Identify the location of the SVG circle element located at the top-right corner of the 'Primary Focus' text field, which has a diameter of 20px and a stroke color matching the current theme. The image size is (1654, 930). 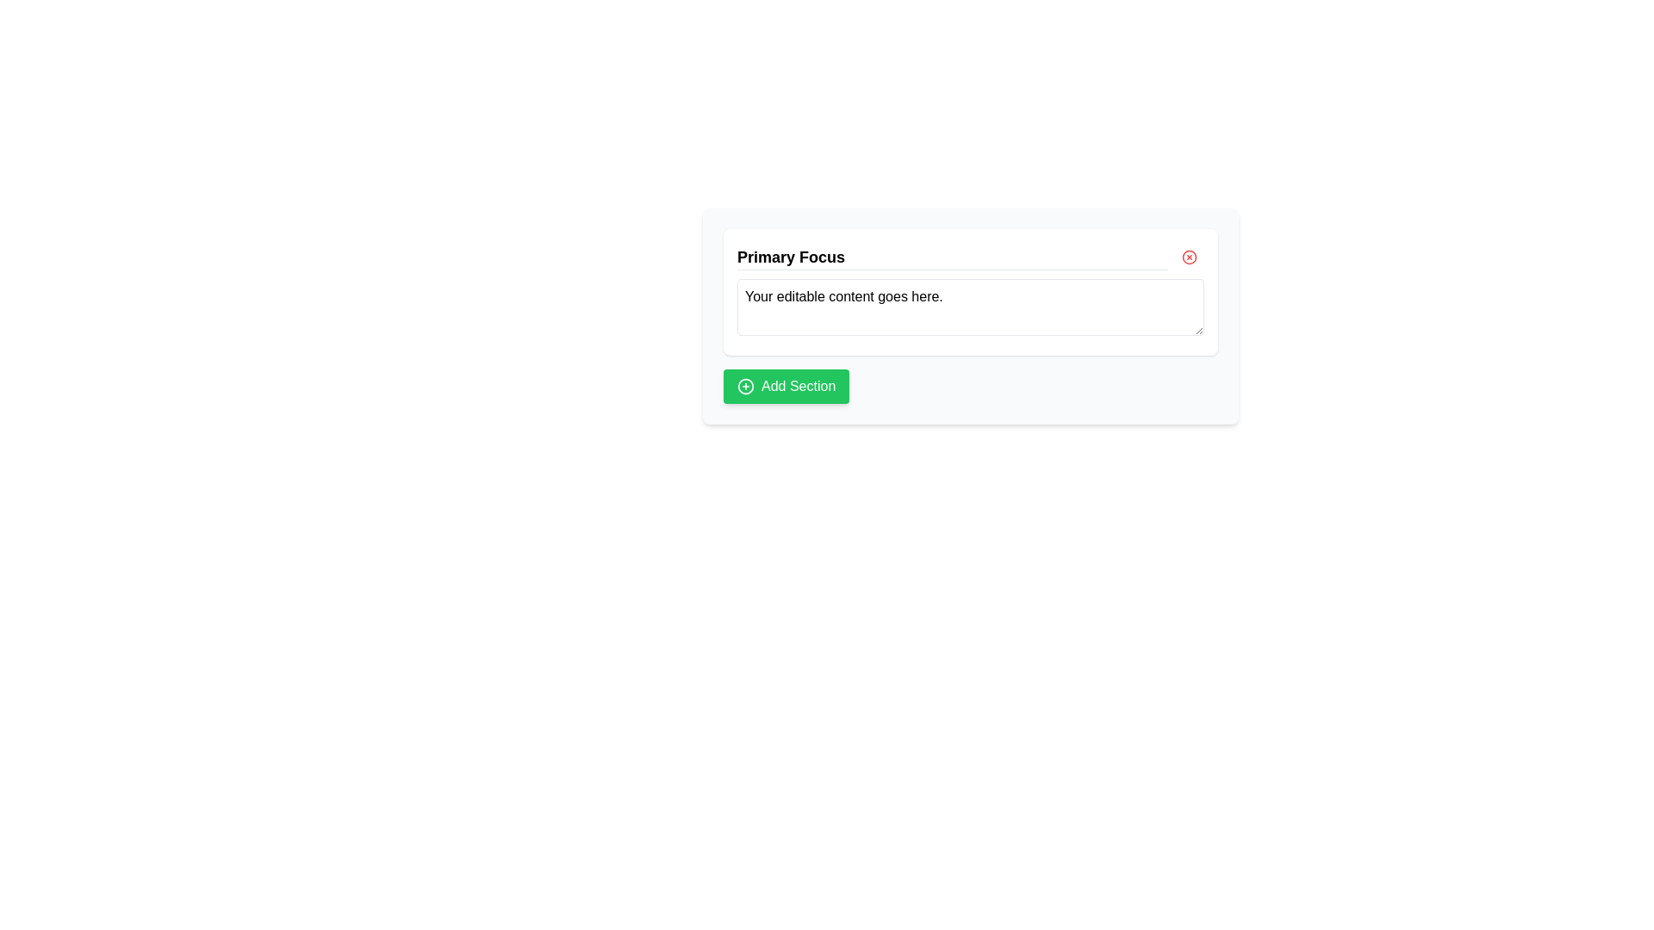
(1189, 257).